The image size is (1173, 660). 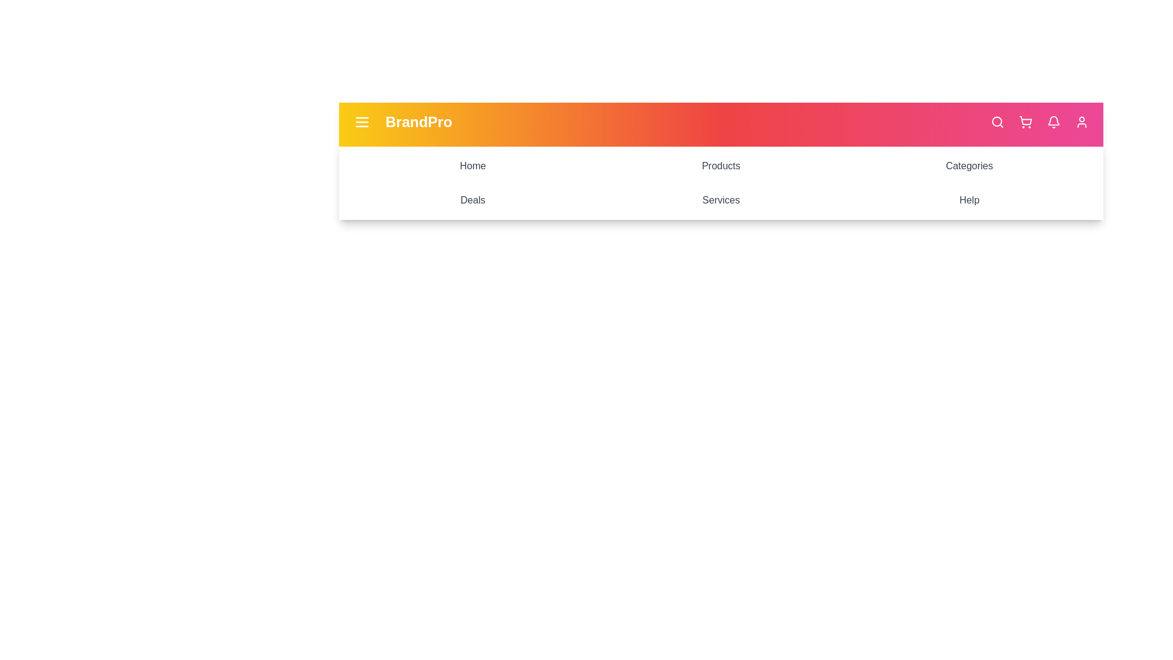 I want to click on the menu item labeled Products to navigate to its section, so click(x=721, y=166).